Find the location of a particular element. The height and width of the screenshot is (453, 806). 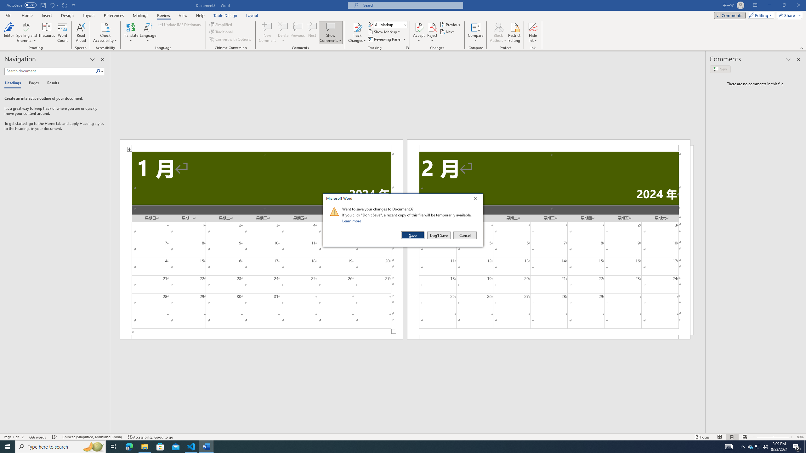

'Type here to search' is located at coordinates (60, 446).